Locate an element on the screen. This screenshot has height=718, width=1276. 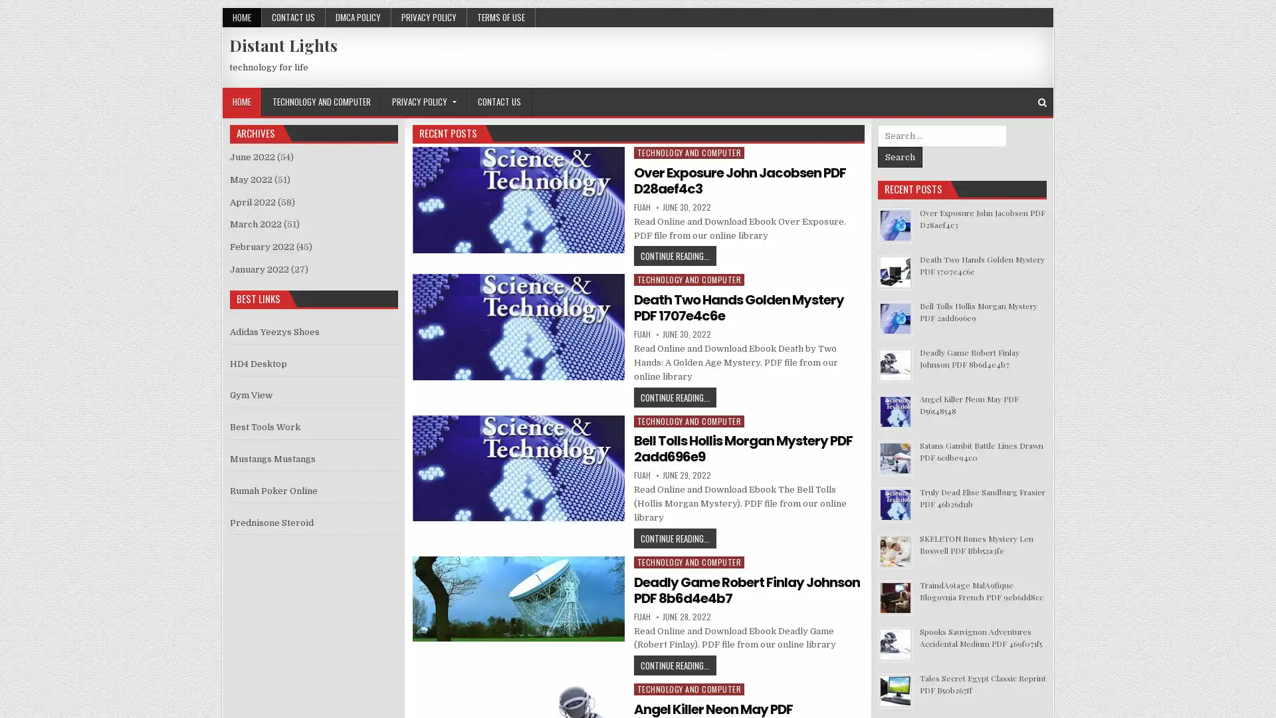
Search is located at coordinates (900, 156).